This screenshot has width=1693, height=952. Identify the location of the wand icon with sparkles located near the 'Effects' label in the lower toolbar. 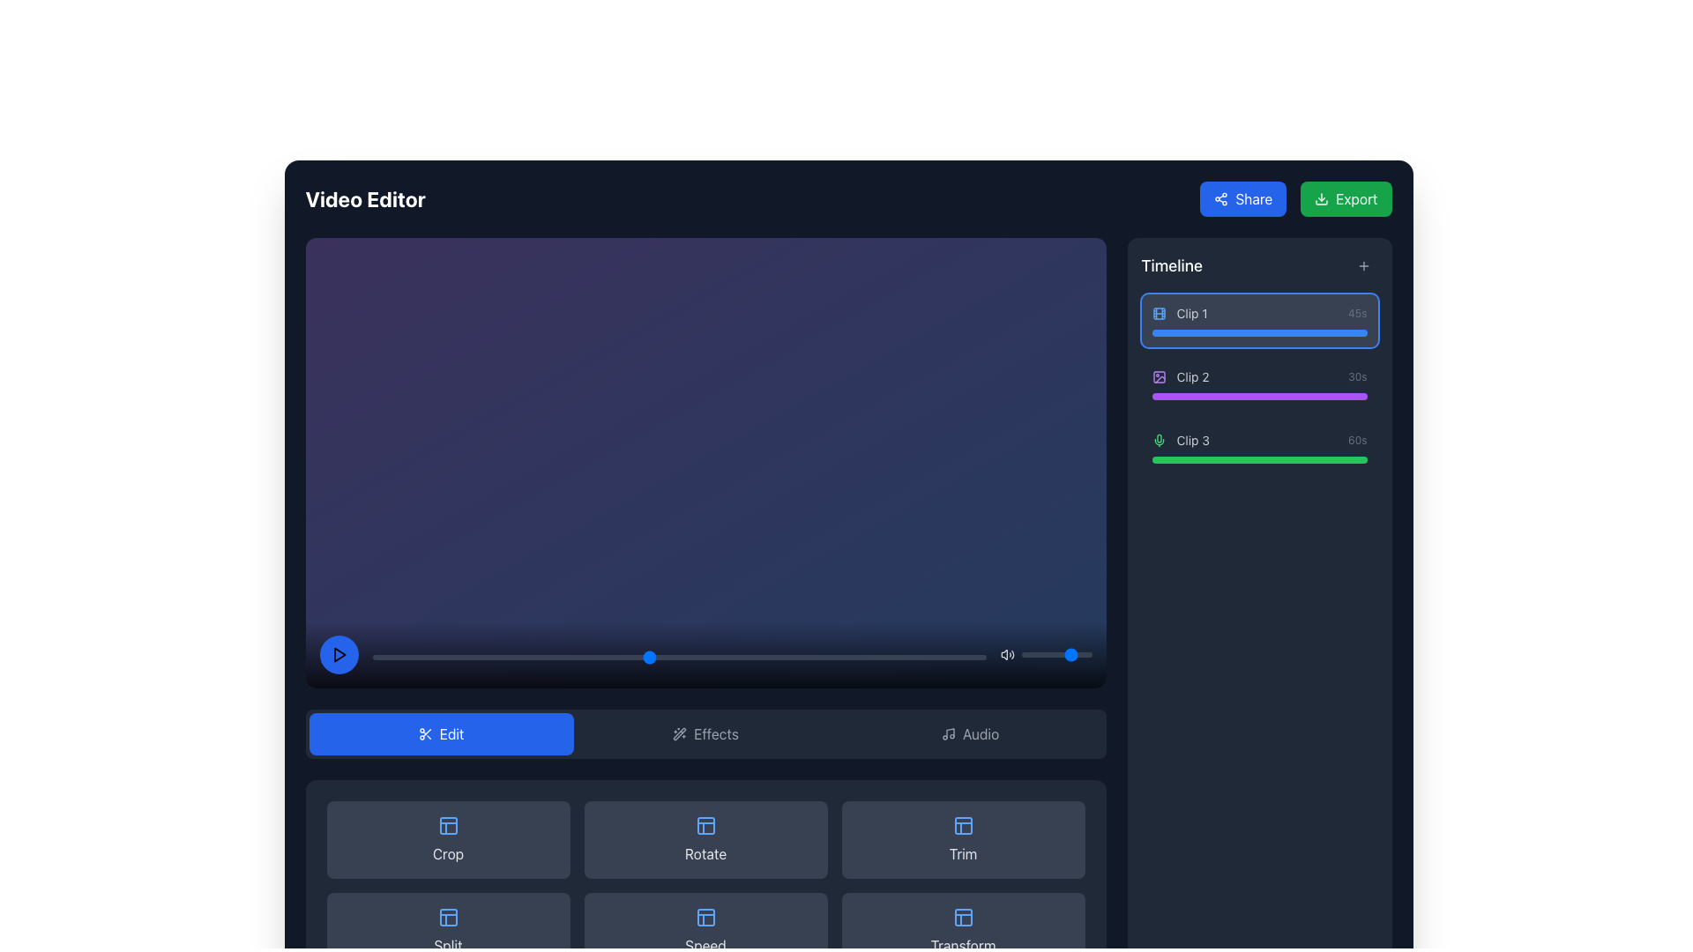
(679, 733).